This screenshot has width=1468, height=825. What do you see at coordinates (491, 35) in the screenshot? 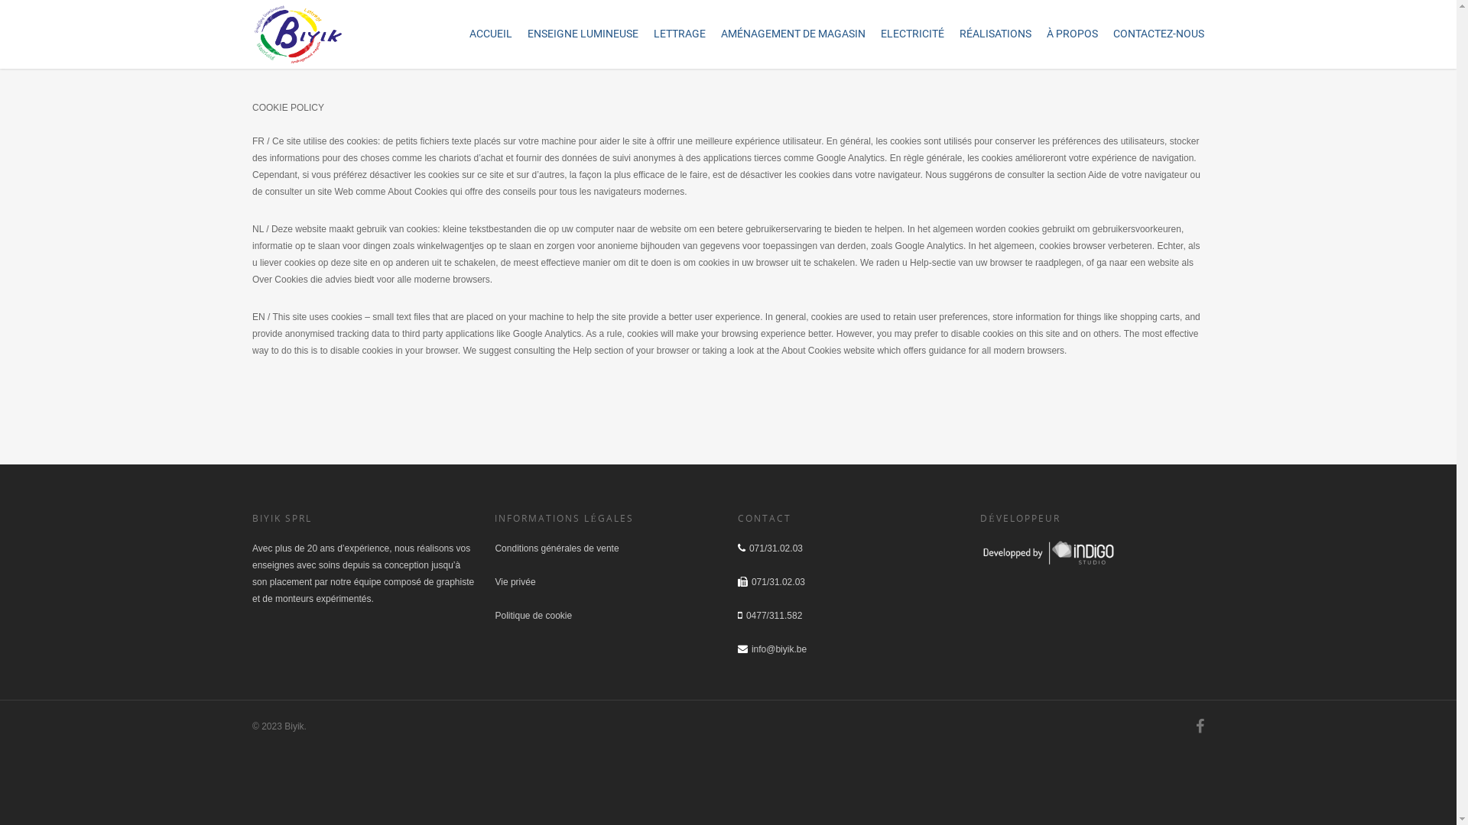
I see `'ACCUEIL'` at bounding box center [491, 35].